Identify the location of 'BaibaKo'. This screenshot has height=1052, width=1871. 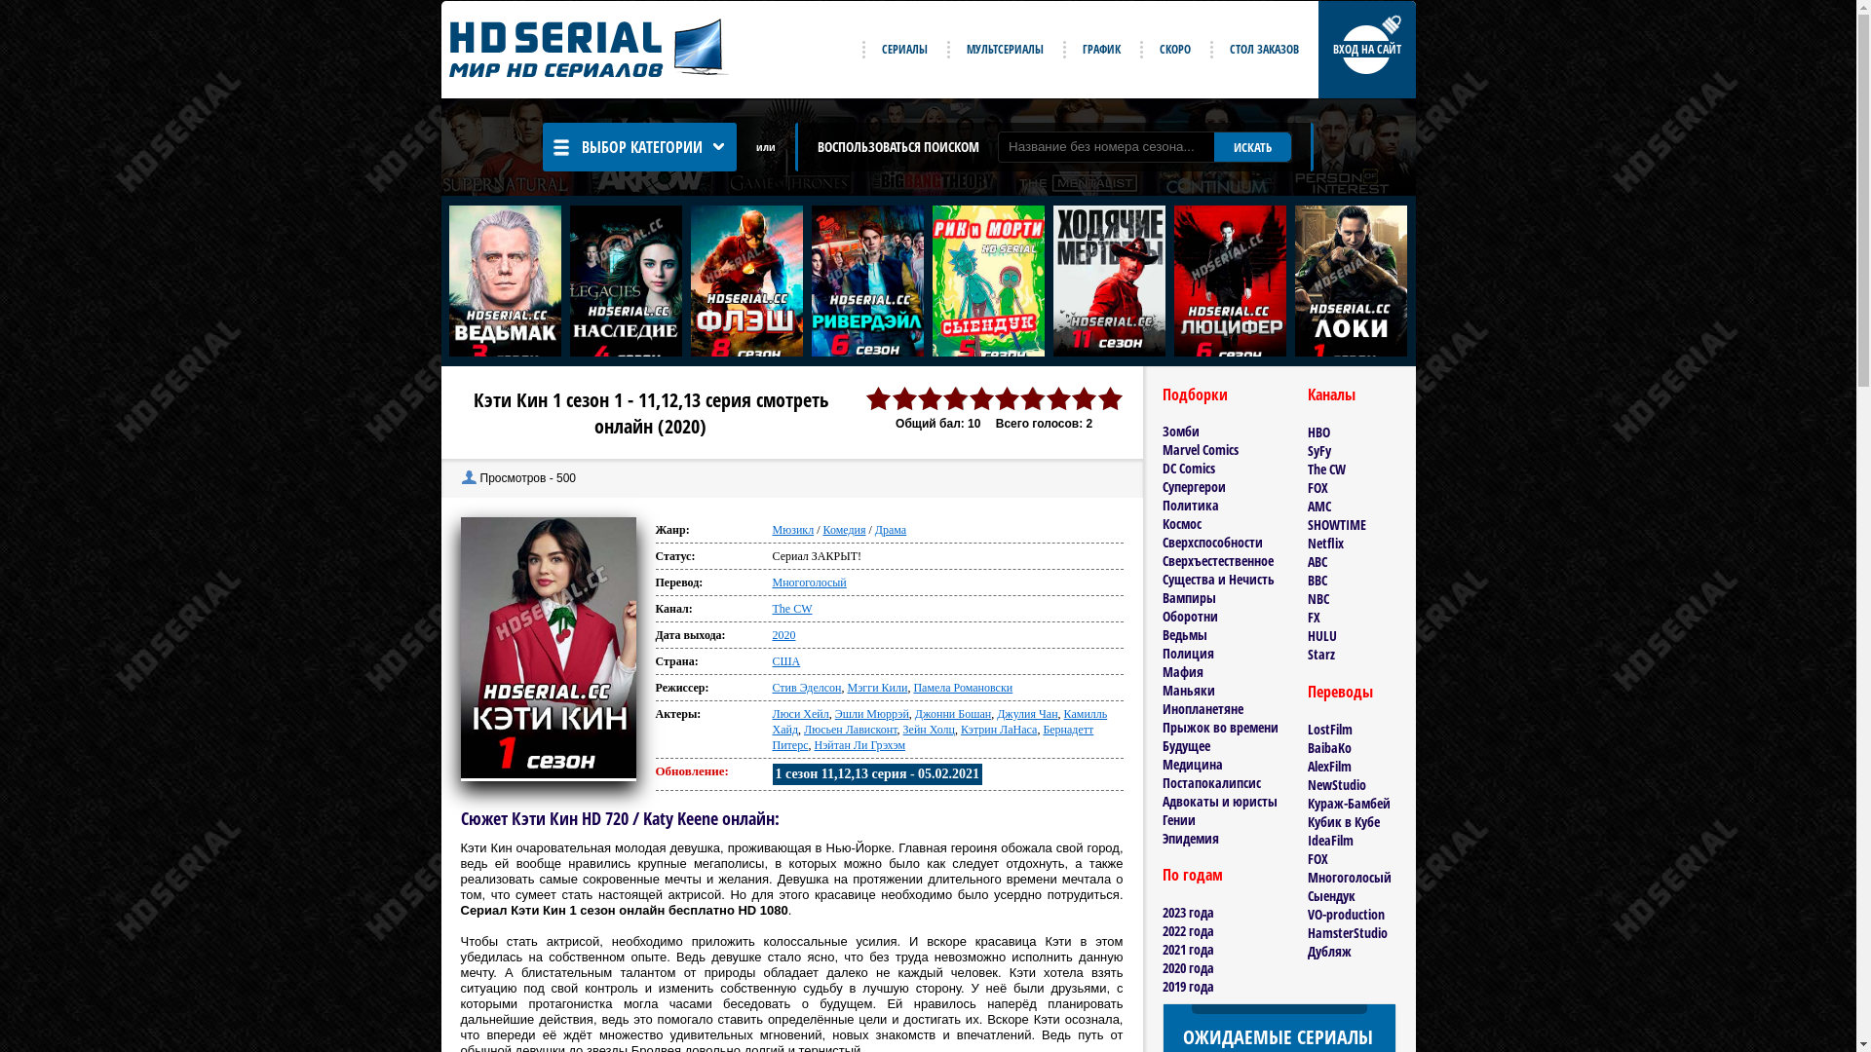
(1328, 746).